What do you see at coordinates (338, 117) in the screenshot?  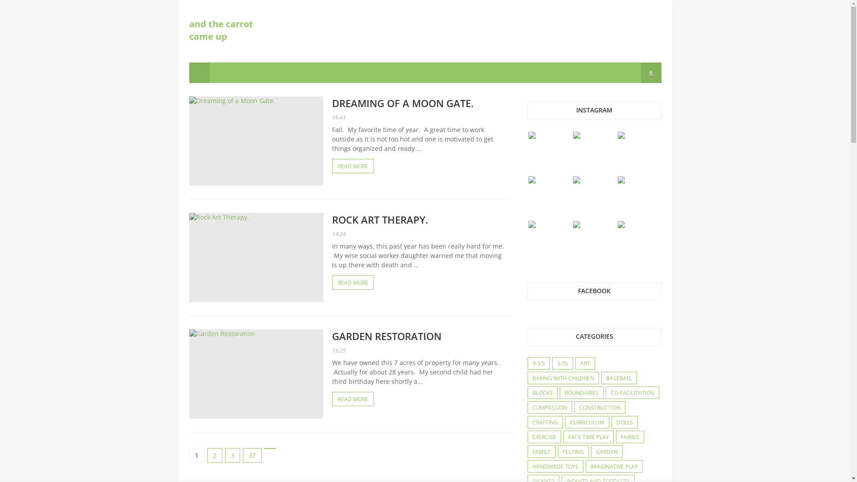 I see `'19:41'` at bounding box center [338, 117].